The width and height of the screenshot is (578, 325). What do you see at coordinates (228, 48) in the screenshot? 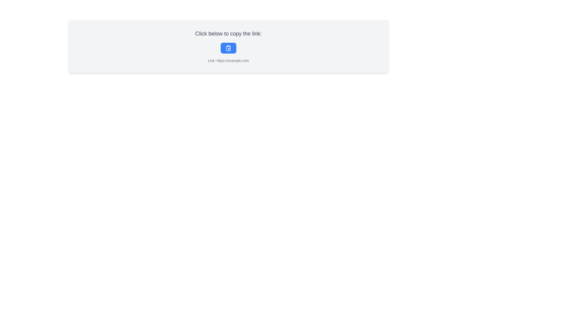
I see `the small clipboard icon with a copy symbol, which is styled in blue and white tones, located within a blue button below the text 'Click below to copy the link:' and above the hyperlink 'https://example.com.'` at bounding box center [228, 48].